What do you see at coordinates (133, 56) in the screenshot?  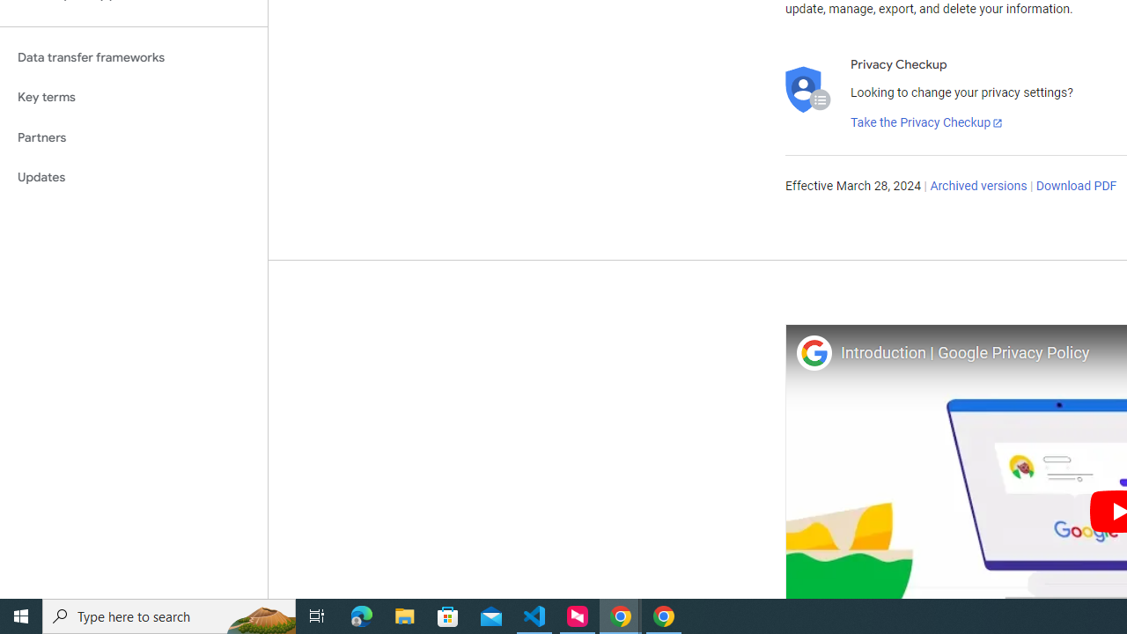 I see `'Data transfer frameworks'` at bounding box center [133, 56].